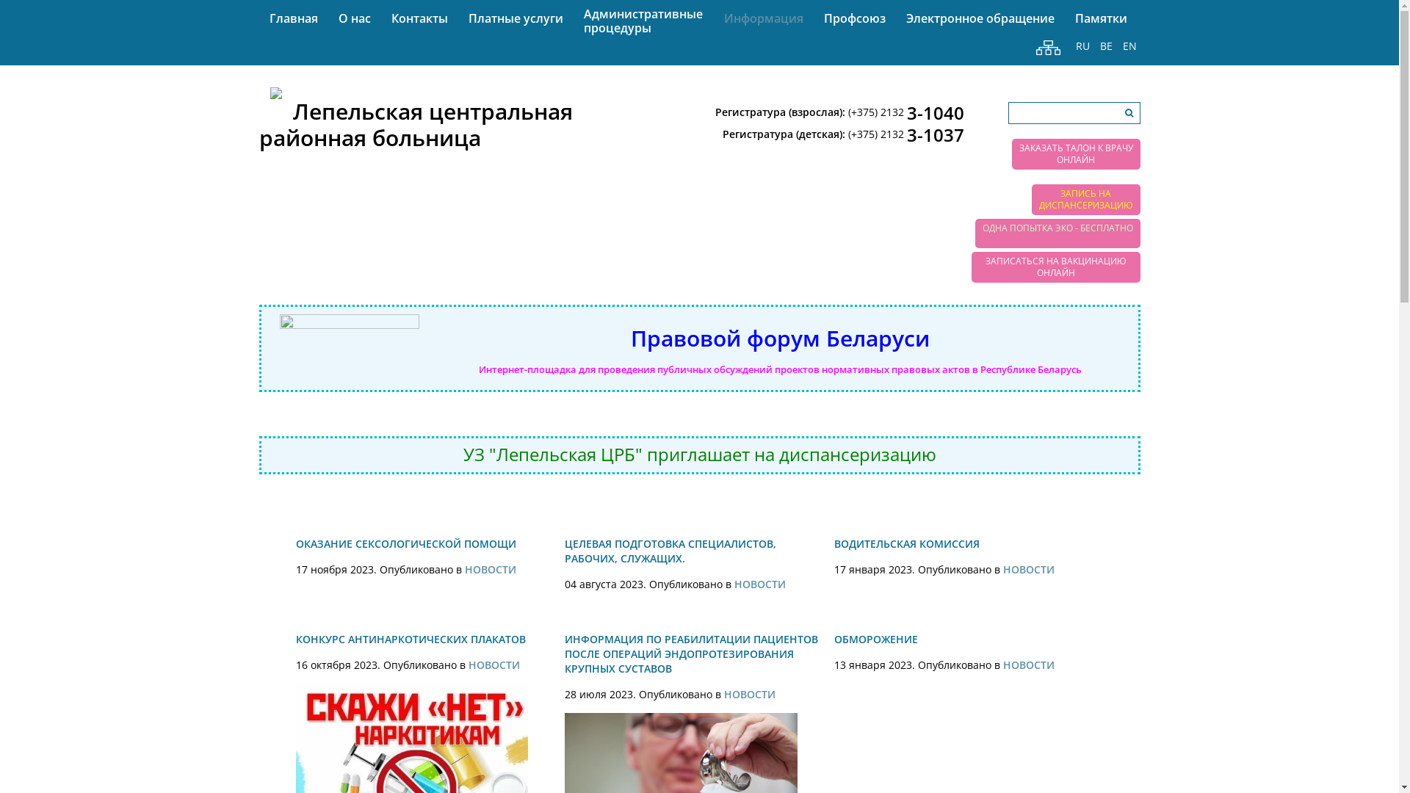 The height and width of the screenshot is (793, 1410). I want to click on 'EN', so click(1129, 46).